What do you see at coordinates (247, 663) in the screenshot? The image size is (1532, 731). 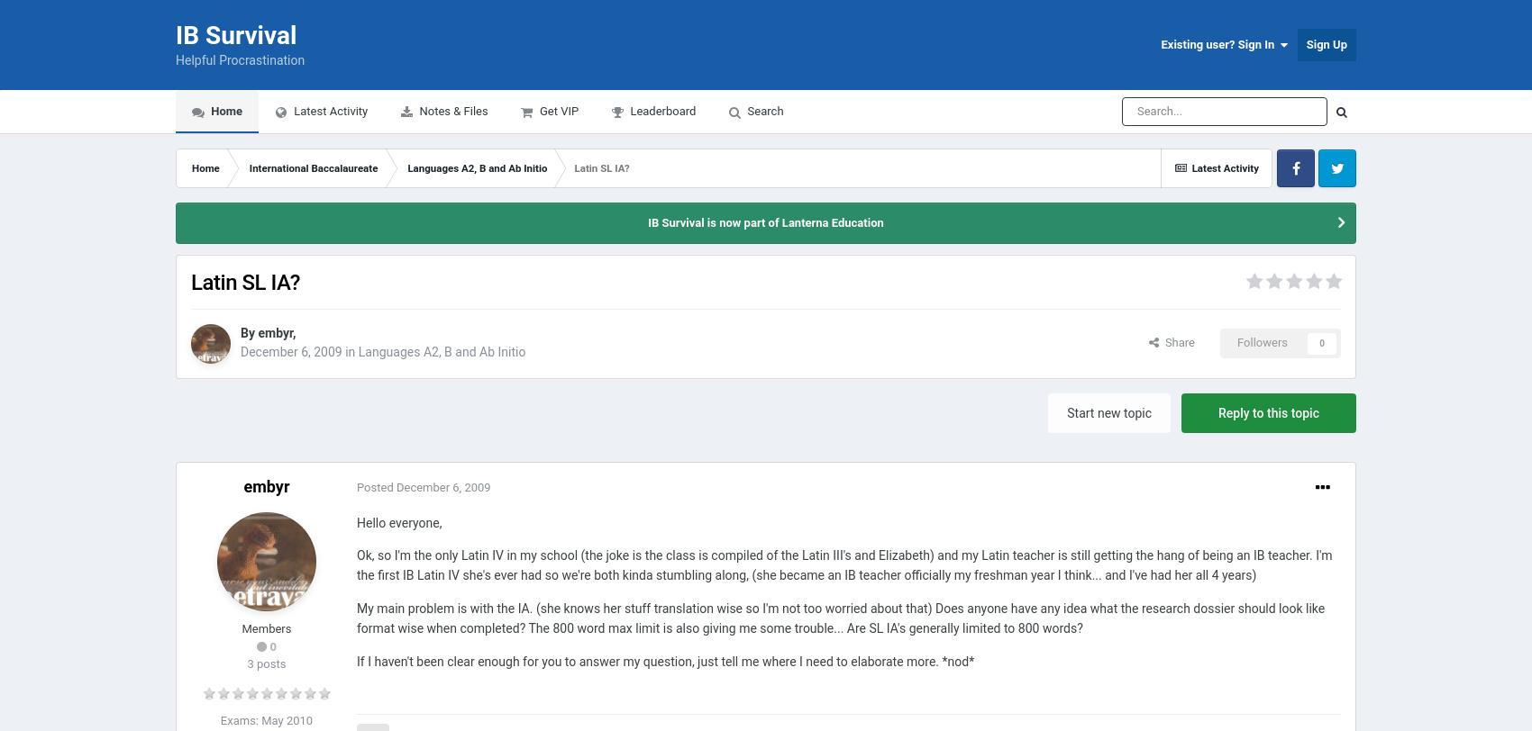 I see `'3 posts'` at bounding box center [247, 663].